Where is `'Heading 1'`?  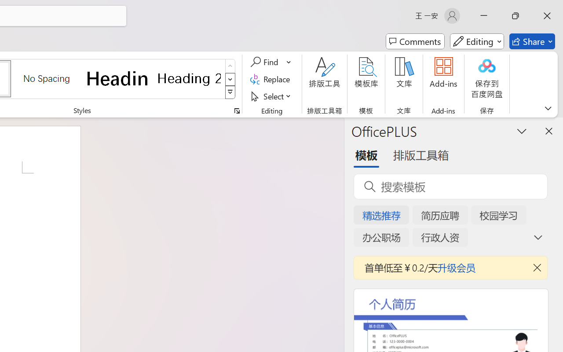 'Heading 1' is located at coordinates (117, 78).